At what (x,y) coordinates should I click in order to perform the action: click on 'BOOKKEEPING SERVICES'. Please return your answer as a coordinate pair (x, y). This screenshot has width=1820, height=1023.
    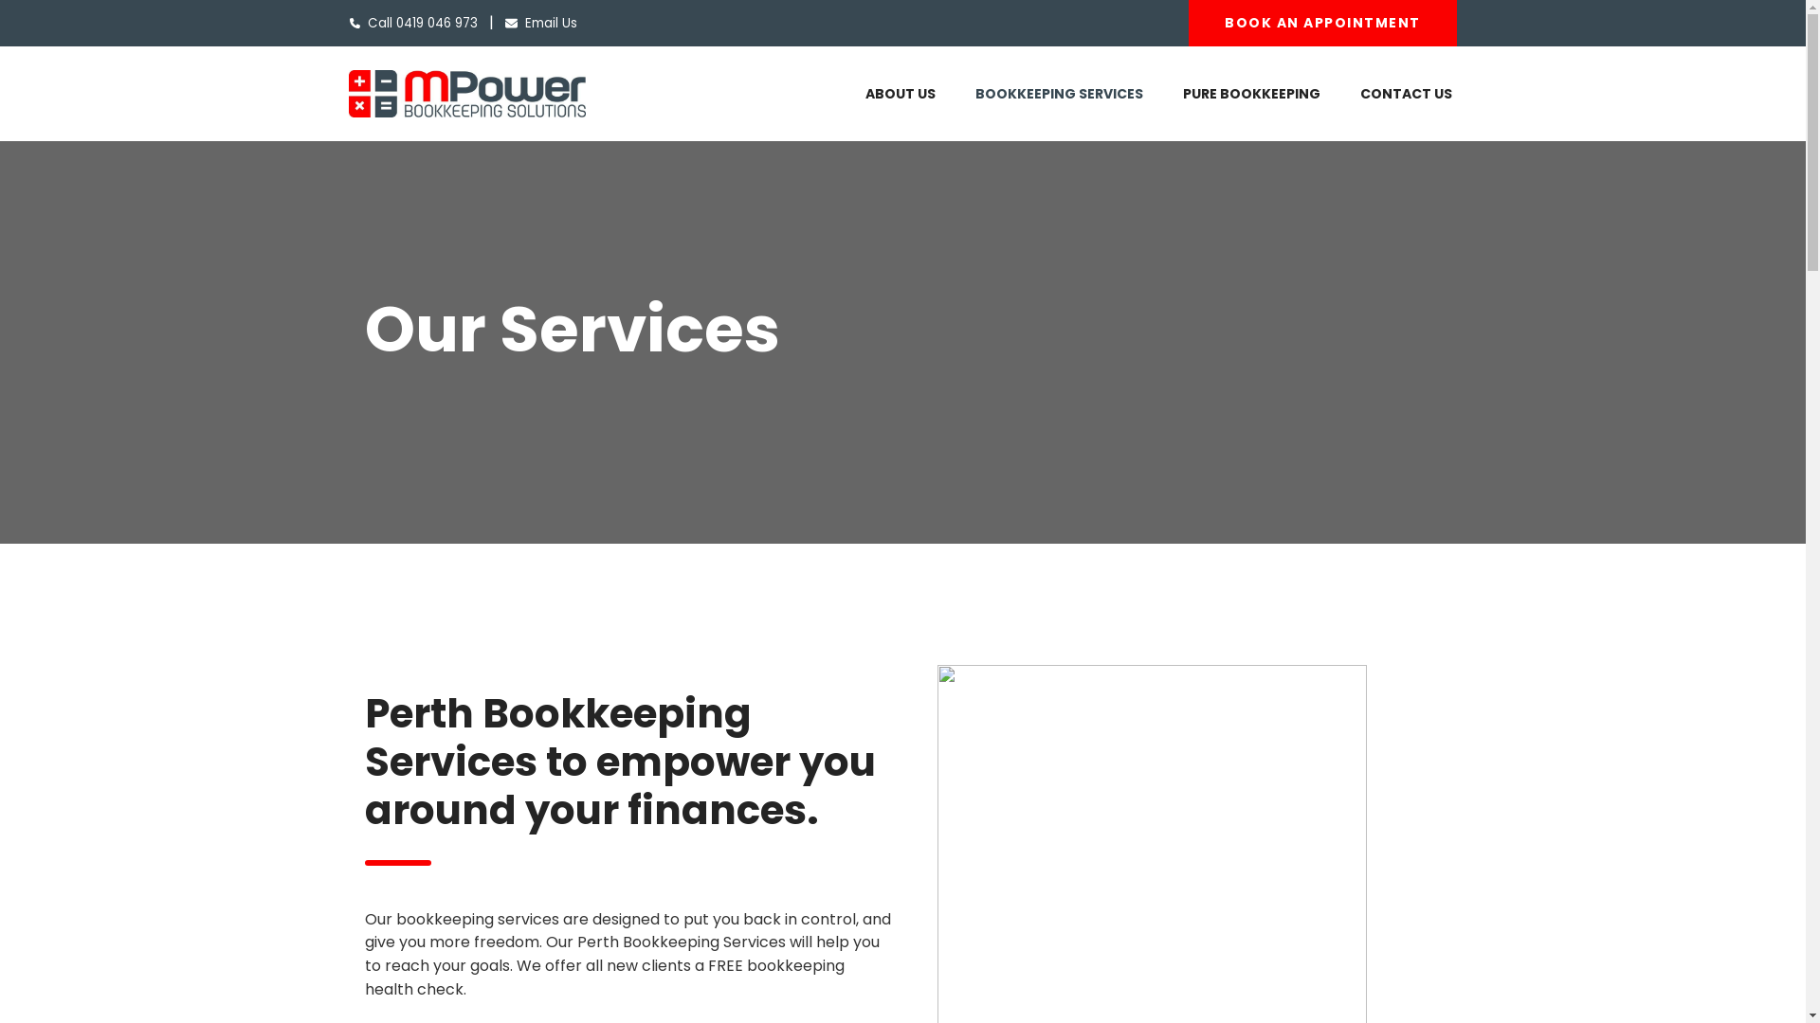
    Looking at the image, I should click on (1058, 94).